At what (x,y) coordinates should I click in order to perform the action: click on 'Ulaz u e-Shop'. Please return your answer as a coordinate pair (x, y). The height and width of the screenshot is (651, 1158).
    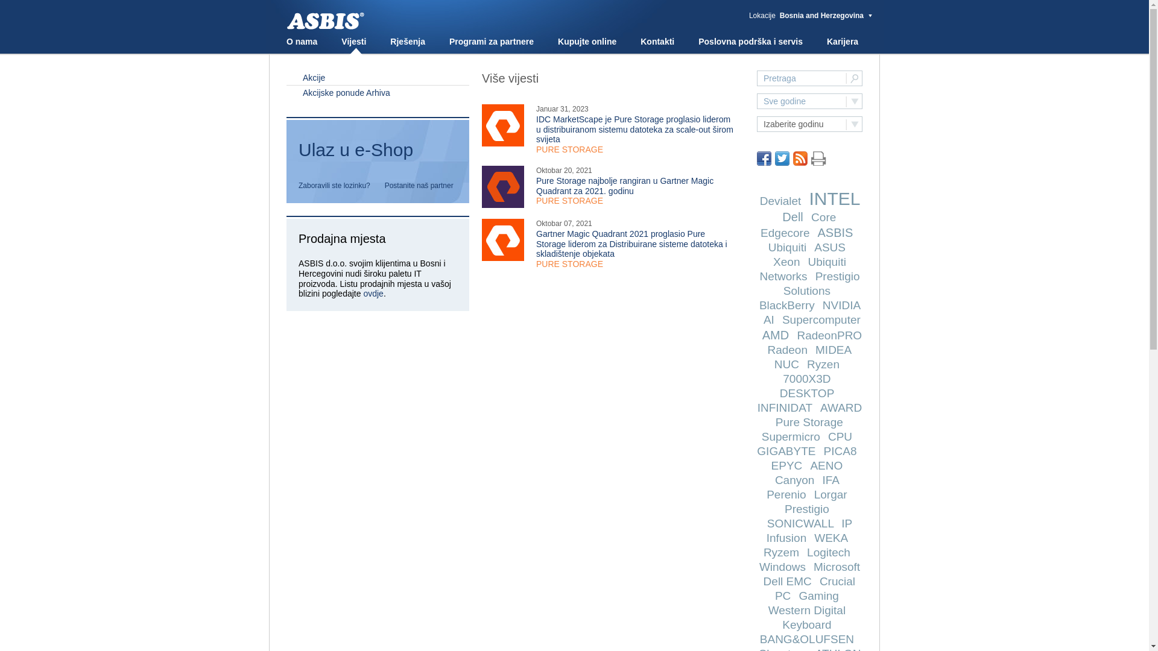
    Looking at the image, I should click on (377, 154).